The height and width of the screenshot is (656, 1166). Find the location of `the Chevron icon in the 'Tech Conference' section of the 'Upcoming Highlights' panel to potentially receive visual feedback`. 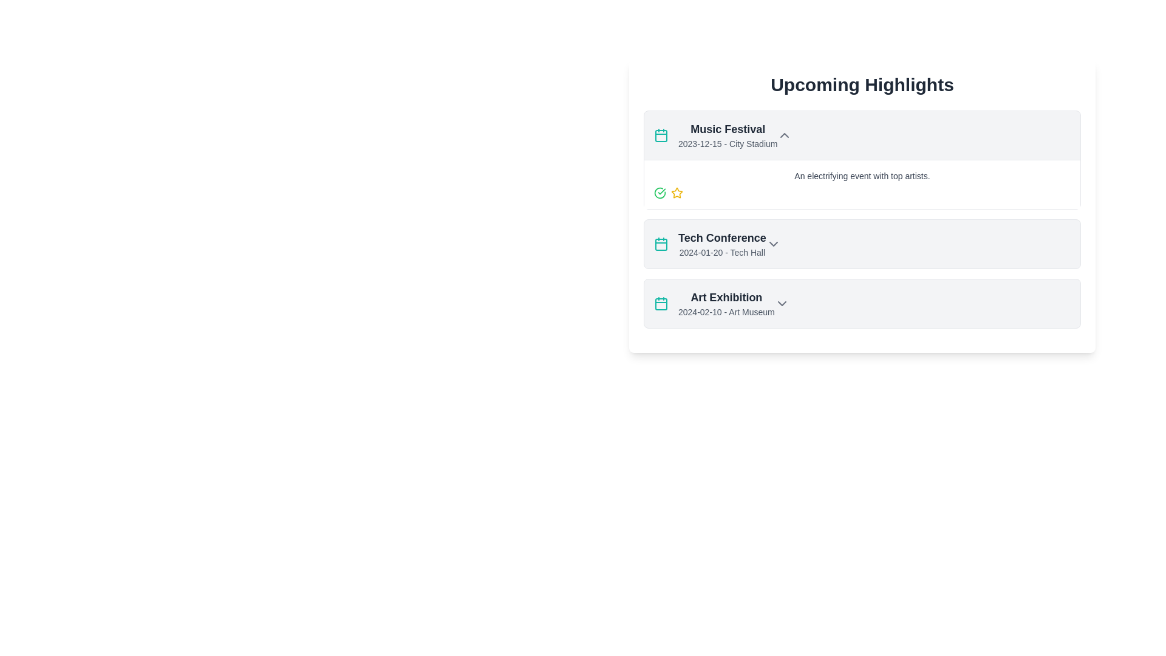

the Chevron icon in the 'Tech Conference' section of the 'Upcoming Highlights' panel to potentially receive visual feedback is located at coordinates (772, 244).